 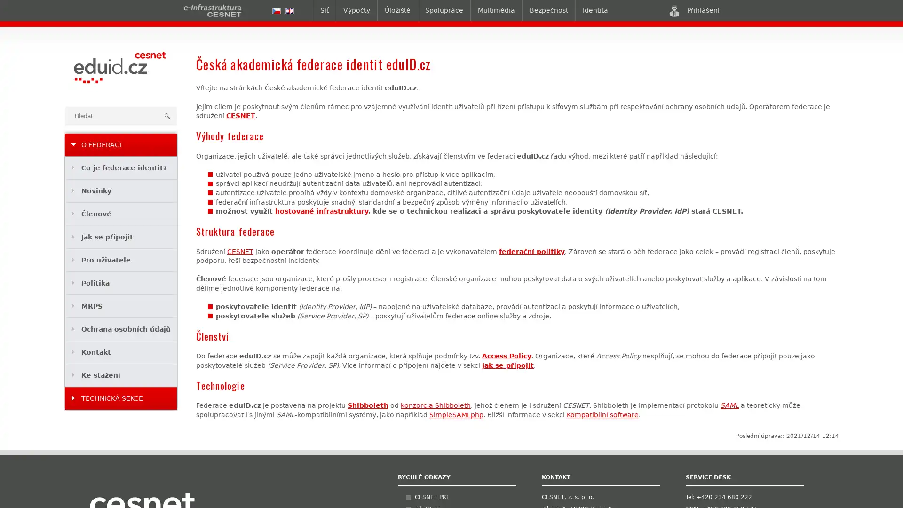 What do you see at coordinates (167, 115) in the screenshot?
I see `Hledat` at bounding box center [167, 115].